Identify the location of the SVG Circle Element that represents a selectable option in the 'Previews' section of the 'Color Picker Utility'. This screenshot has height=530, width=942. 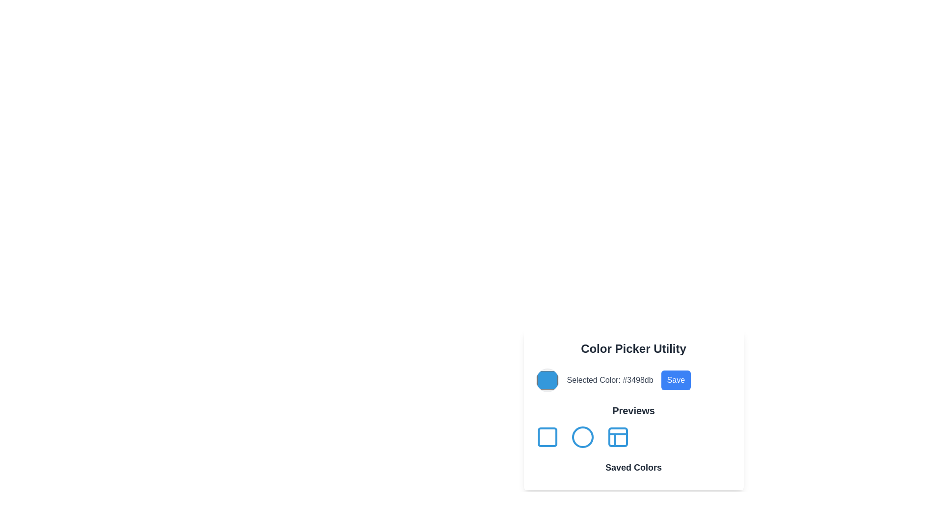
(582, 437).